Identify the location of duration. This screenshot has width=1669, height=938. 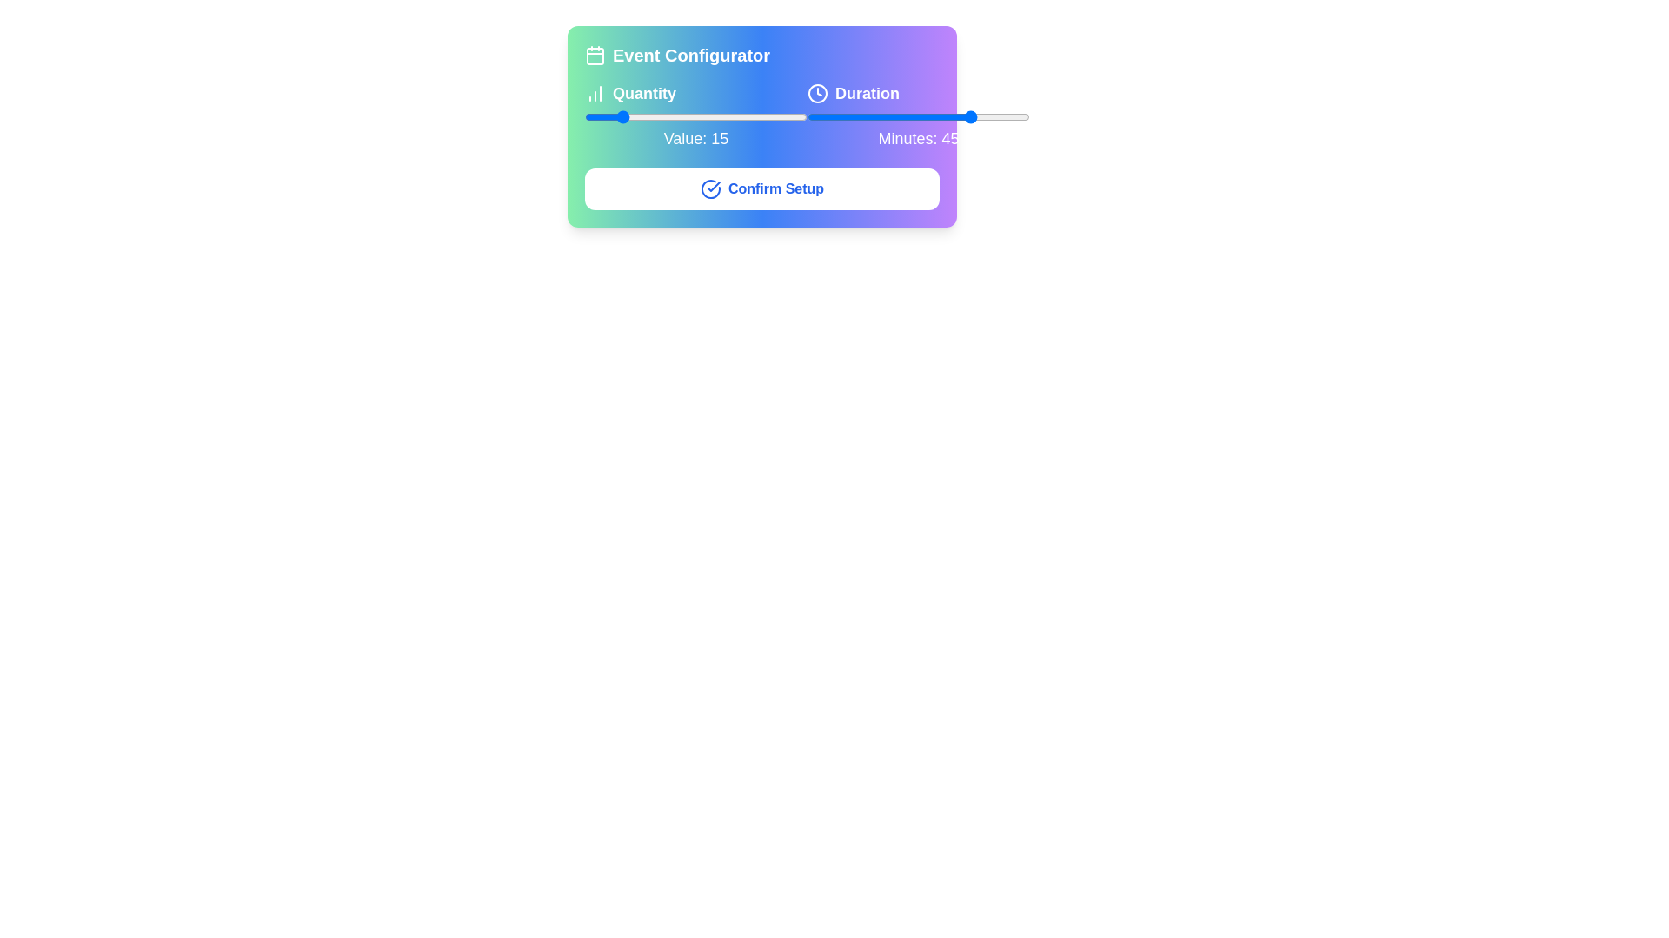
(974, 117).